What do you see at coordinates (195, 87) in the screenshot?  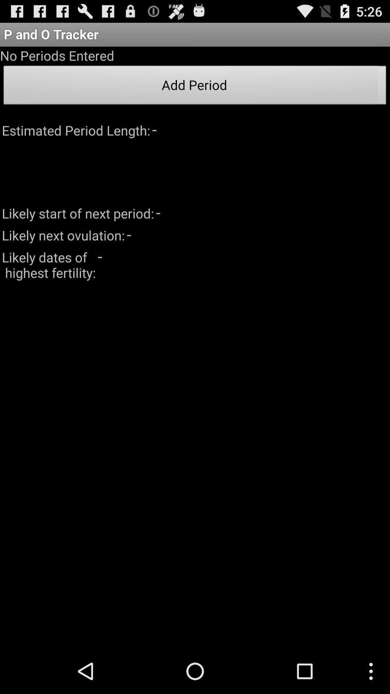 I see `the add period item` at bounding box center [195, 87].